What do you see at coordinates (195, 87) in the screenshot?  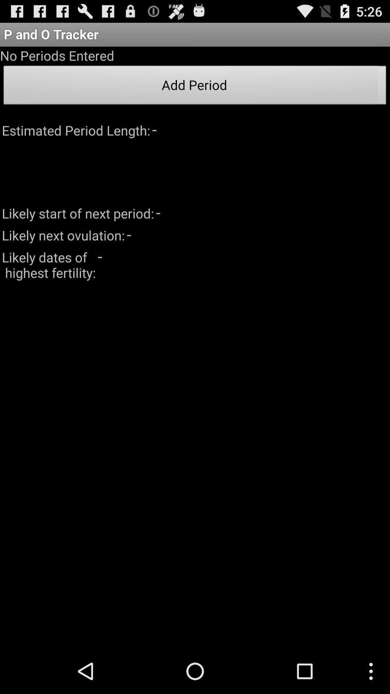 I see `the add period item` at bounding box center [195, 87].